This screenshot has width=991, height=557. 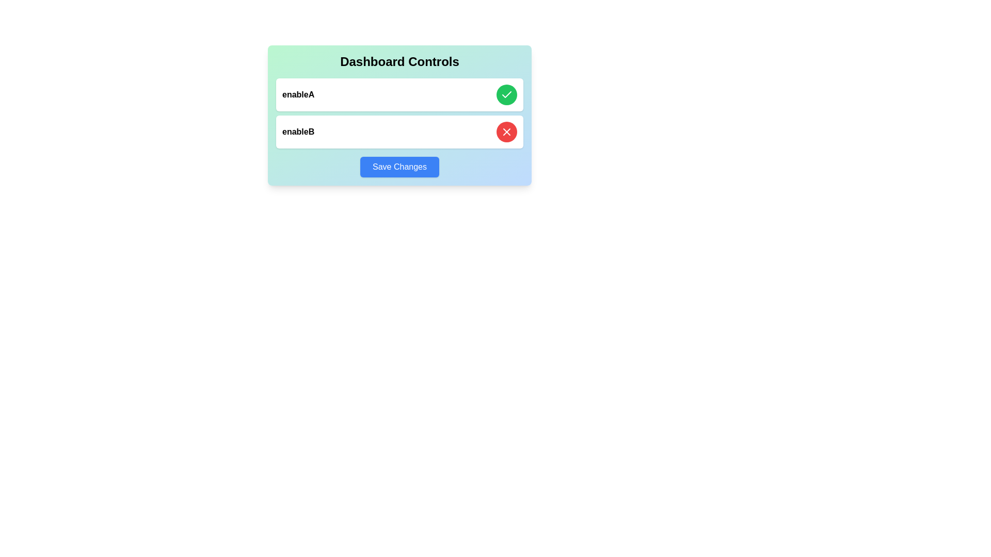 I want to click on the 'Save Changes' button to save the current configuration, so click(x=399, y=167).